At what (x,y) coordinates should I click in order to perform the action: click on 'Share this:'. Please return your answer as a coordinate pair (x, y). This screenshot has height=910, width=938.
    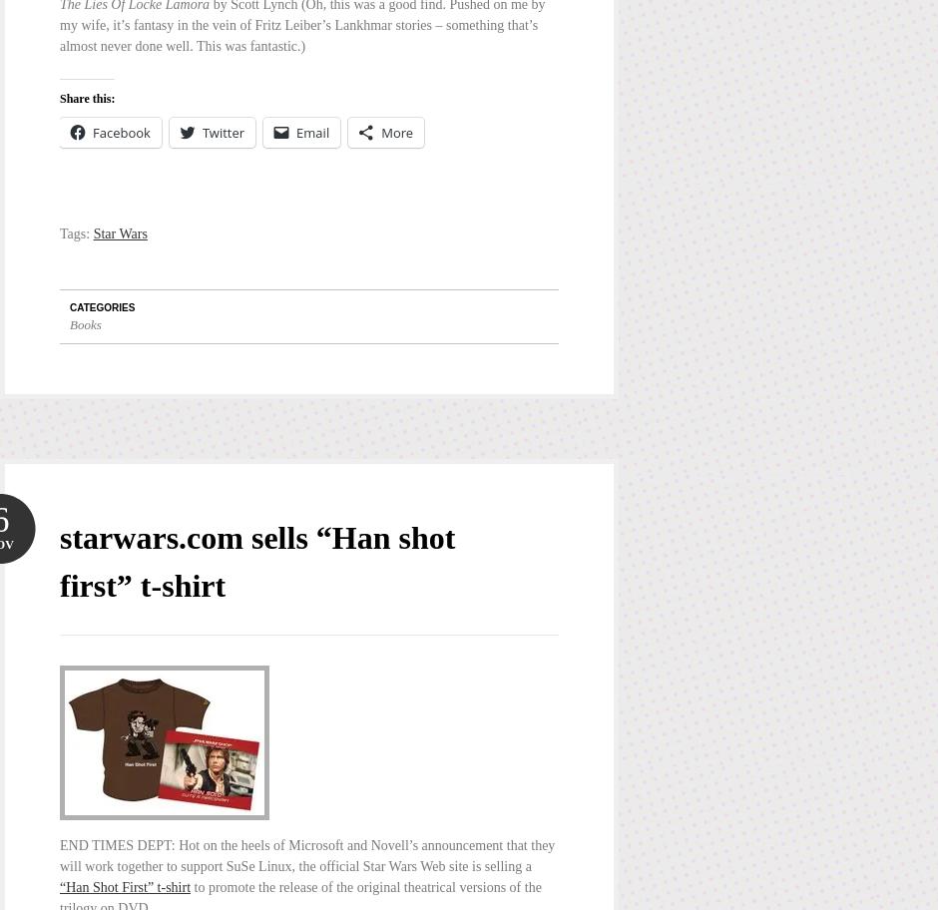
    Looking at the image, I should click on (87, 99).